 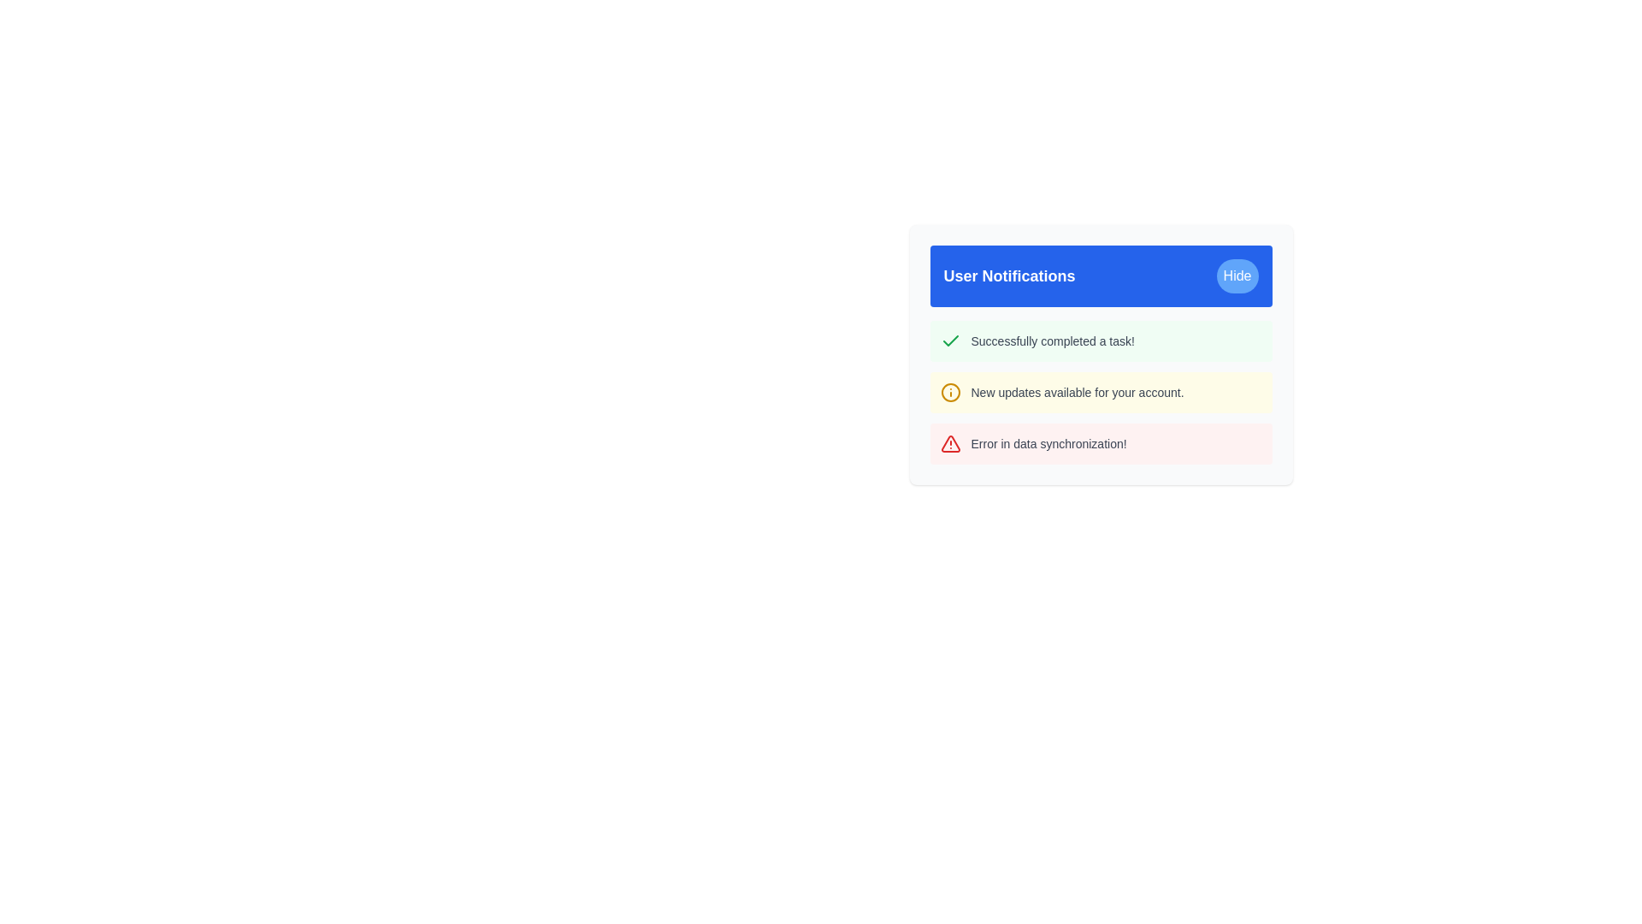 I want to click on notification message from the third notification bubble under 'User Notifications', which informs about an error encountered during data synchronization, so click(x=1101, y=443).